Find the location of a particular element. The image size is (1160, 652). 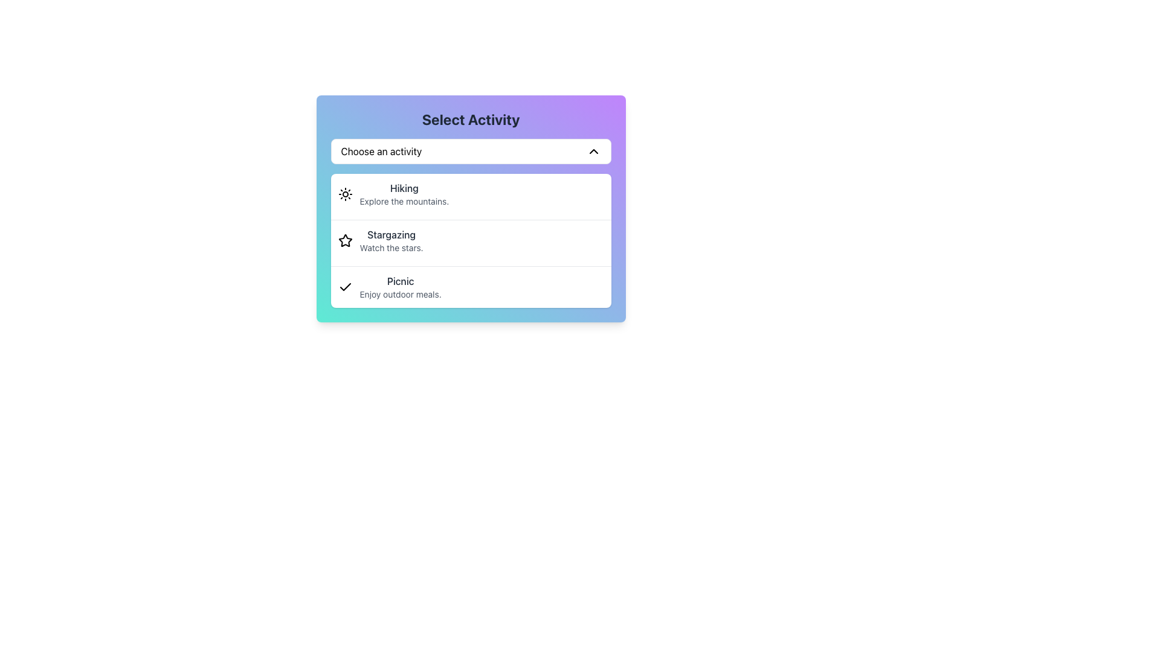

text label providing additional context for the 'Picnic' option located within the dropdown under 'Select Activity' is located at coordinates (401, 295).